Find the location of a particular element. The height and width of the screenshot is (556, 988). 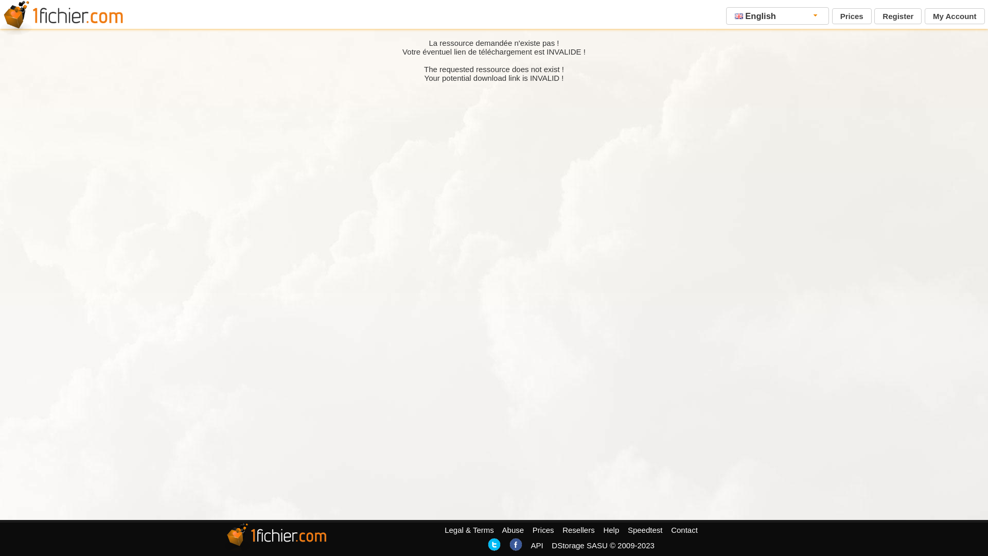

'Speedtest' is located at coordinates (627, 530).